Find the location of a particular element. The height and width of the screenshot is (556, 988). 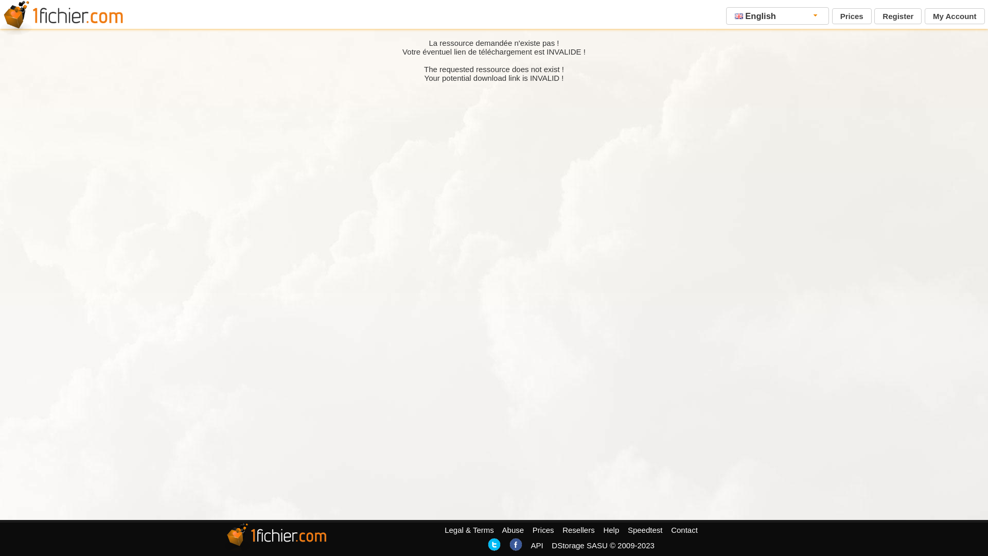

'Speedtest' is located at coordinates (627, 530).